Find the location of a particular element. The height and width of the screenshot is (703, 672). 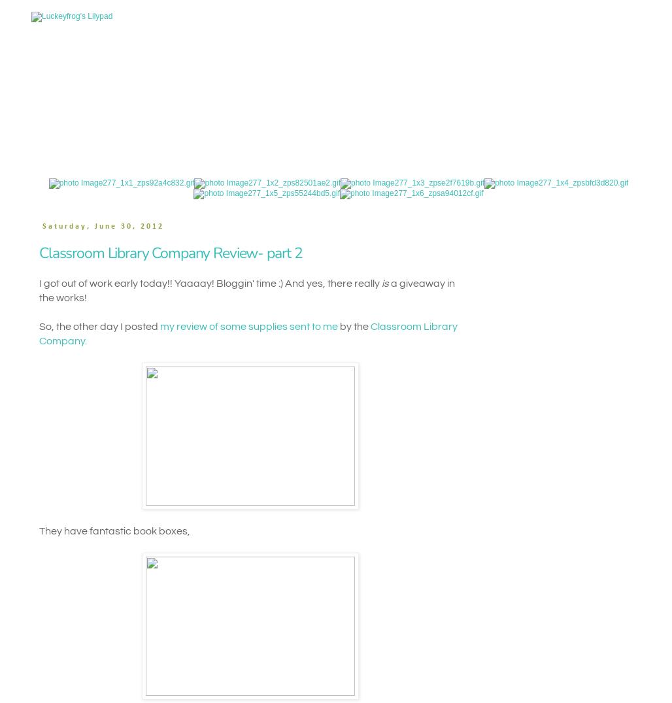

'is' is located at coordinates (384, 283).